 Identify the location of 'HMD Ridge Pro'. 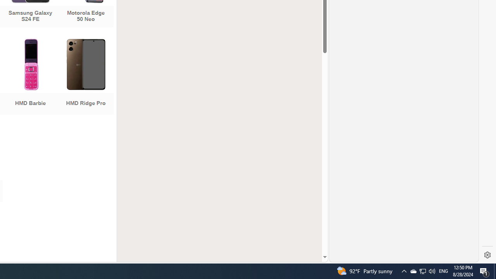
(86, 77).